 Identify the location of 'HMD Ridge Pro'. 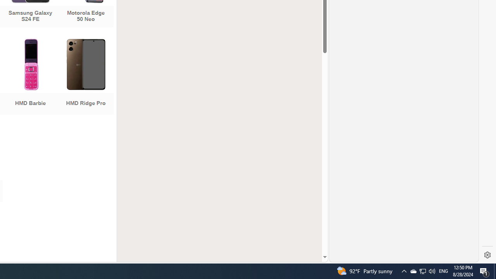
(86, 77).